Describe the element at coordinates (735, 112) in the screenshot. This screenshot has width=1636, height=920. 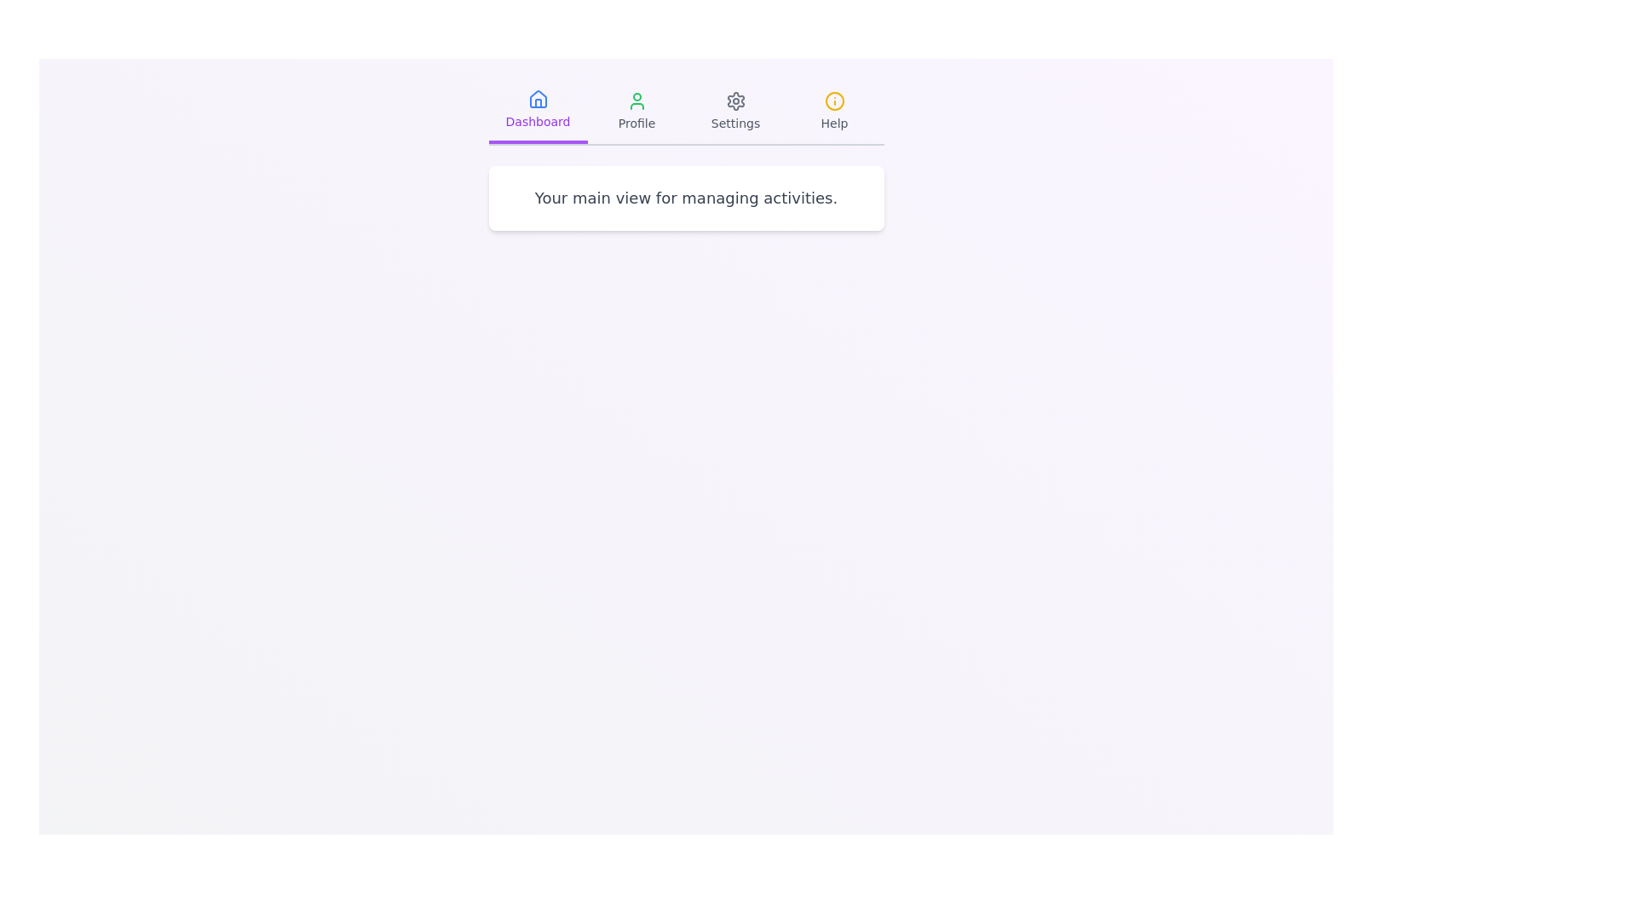
I see `the tab labeled Settings` at that location.